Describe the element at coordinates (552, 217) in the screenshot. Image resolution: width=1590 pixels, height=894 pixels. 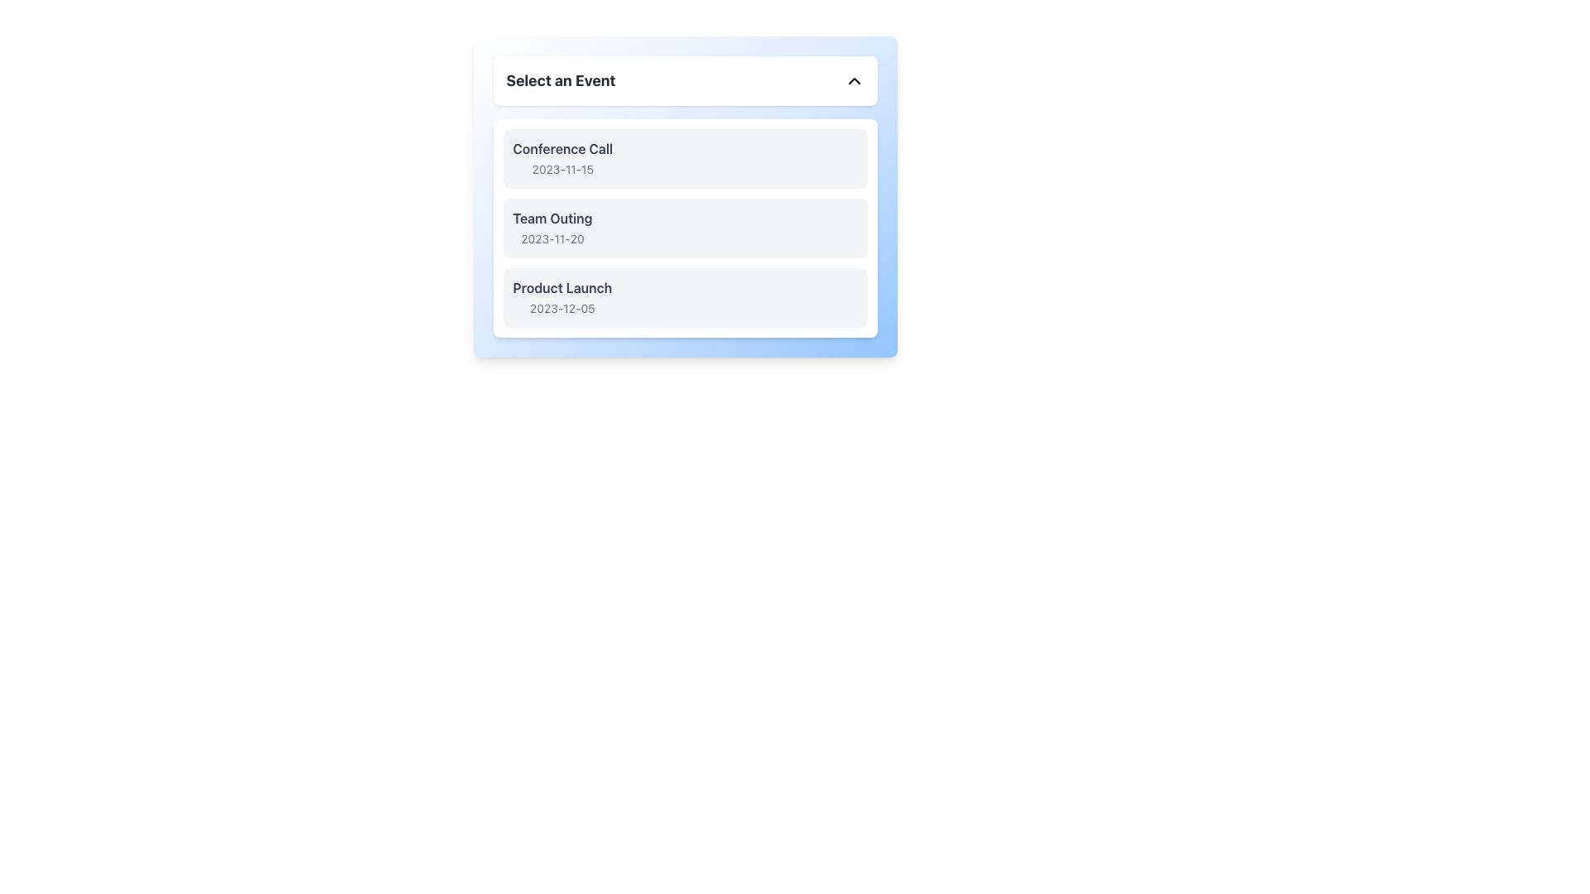
I see `the text label titled 'Team Outing' which is located in the second list item of a dropdown-style list` at that location.